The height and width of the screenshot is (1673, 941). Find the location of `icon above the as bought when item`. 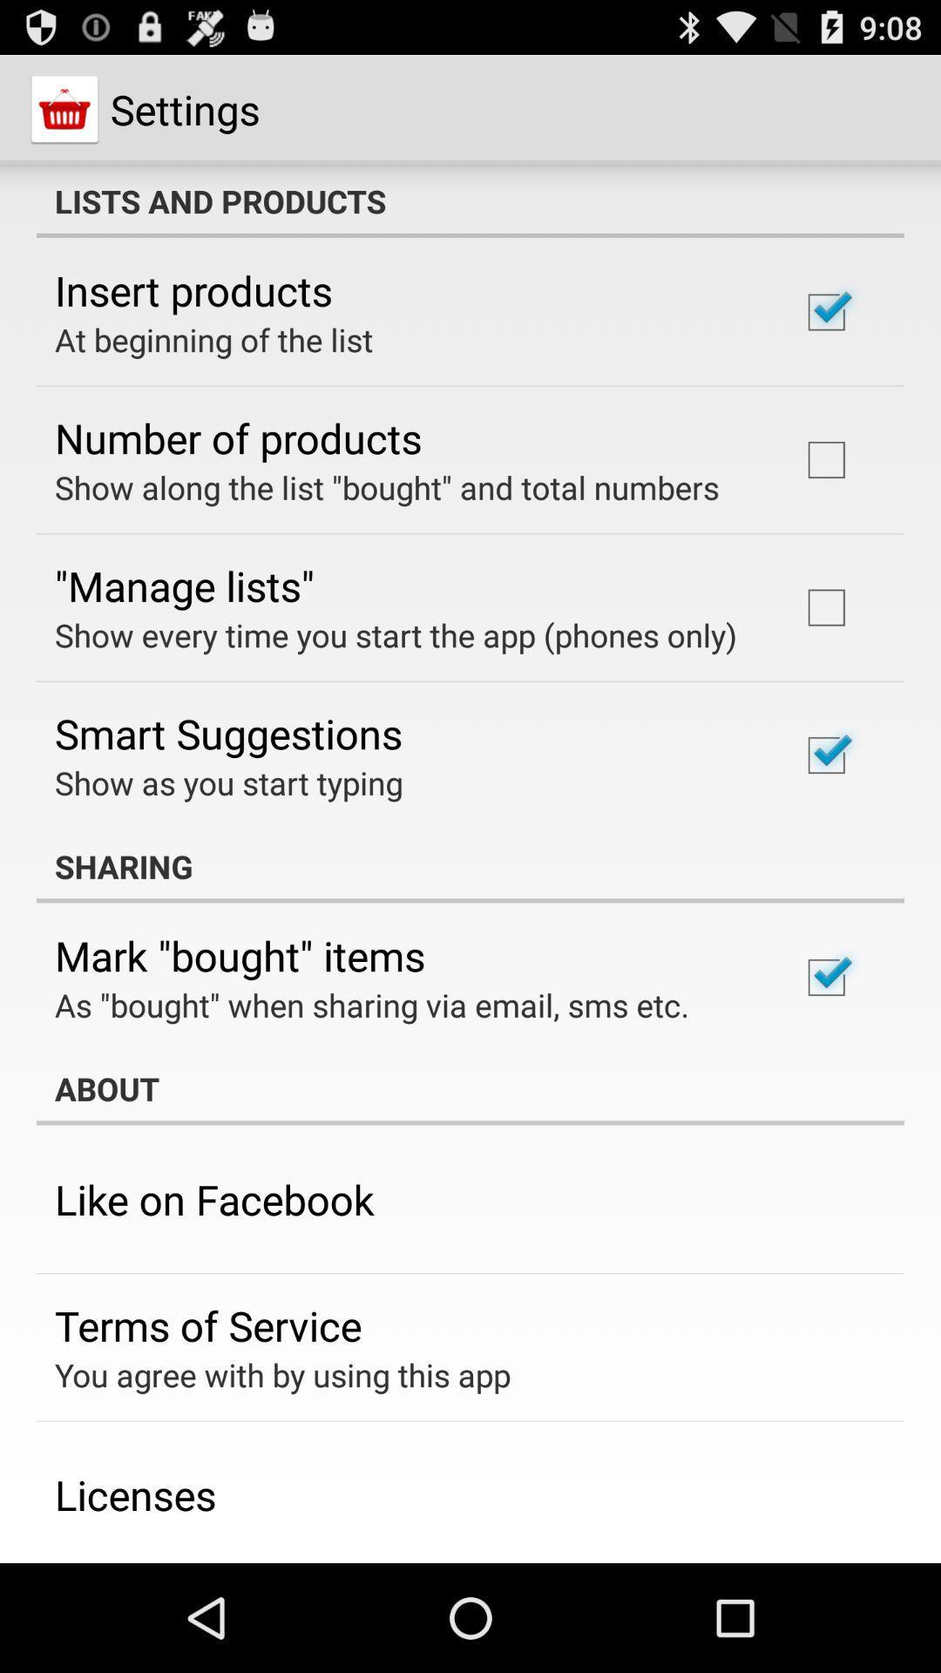

icon above the as bought when item is located at coordinates (240, 954).